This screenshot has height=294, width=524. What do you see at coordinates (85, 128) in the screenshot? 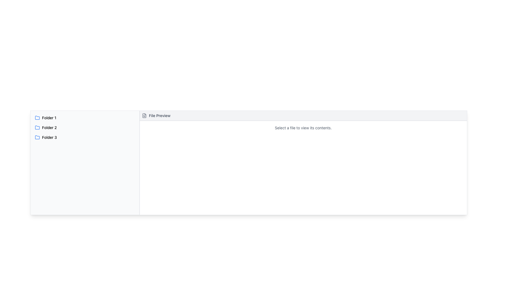
I see `the 'Folder 2' list item in the left panel of the application` at bounding box center [85, 128].